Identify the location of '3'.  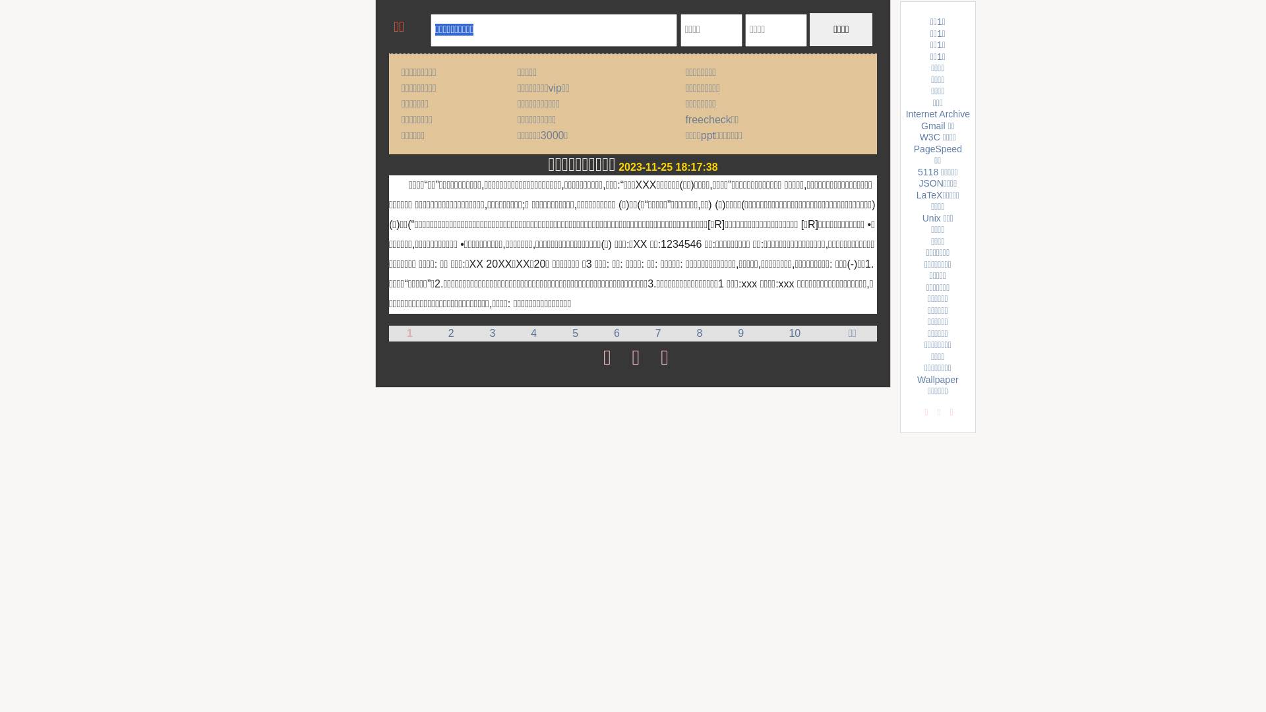
(492, 332).